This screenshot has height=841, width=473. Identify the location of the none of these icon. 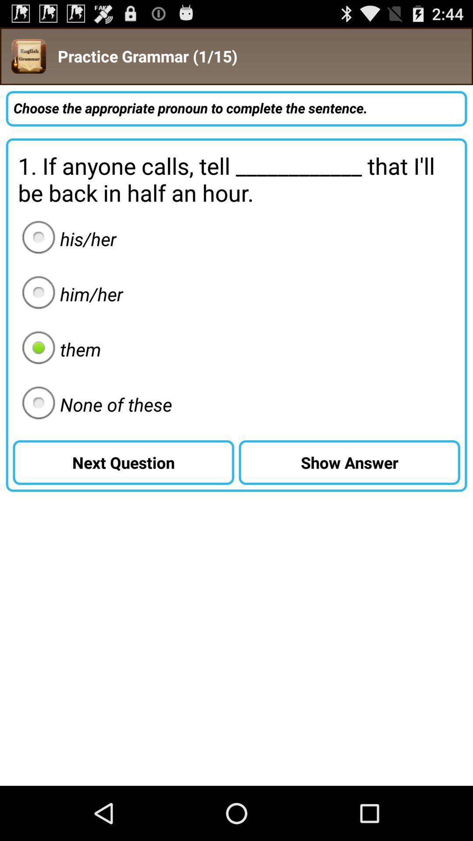
(94, 404).